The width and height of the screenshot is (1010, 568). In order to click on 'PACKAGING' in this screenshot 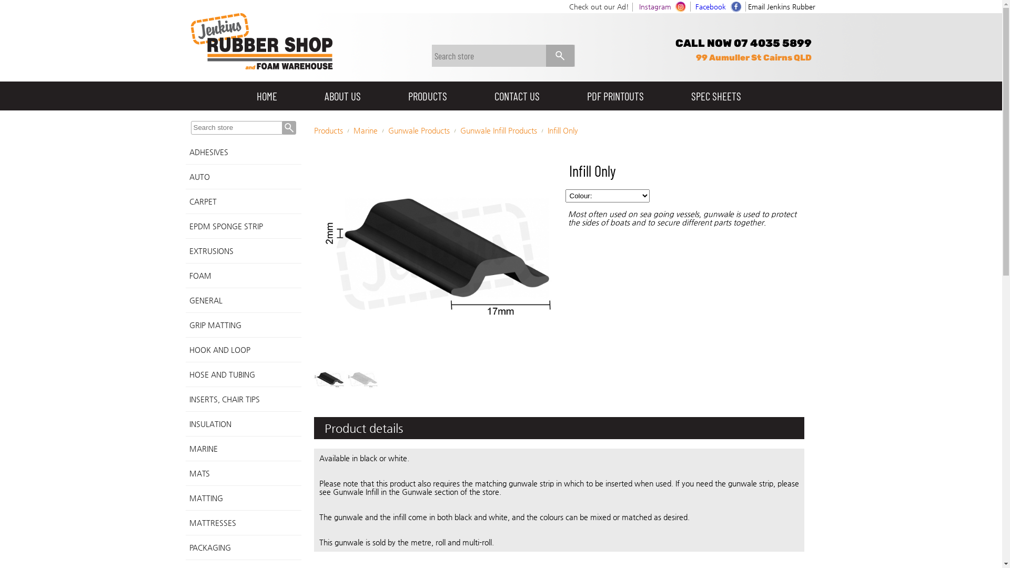, I will do `click(242, 547)`.